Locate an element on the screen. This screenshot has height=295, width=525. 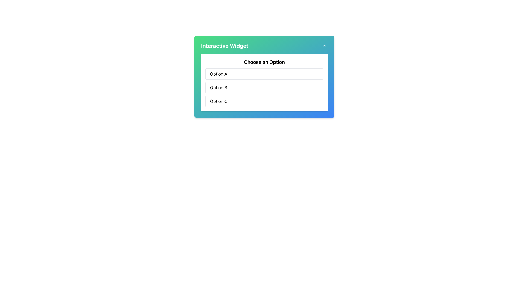
the Interactive Widget is located at coordinates (264, 77).